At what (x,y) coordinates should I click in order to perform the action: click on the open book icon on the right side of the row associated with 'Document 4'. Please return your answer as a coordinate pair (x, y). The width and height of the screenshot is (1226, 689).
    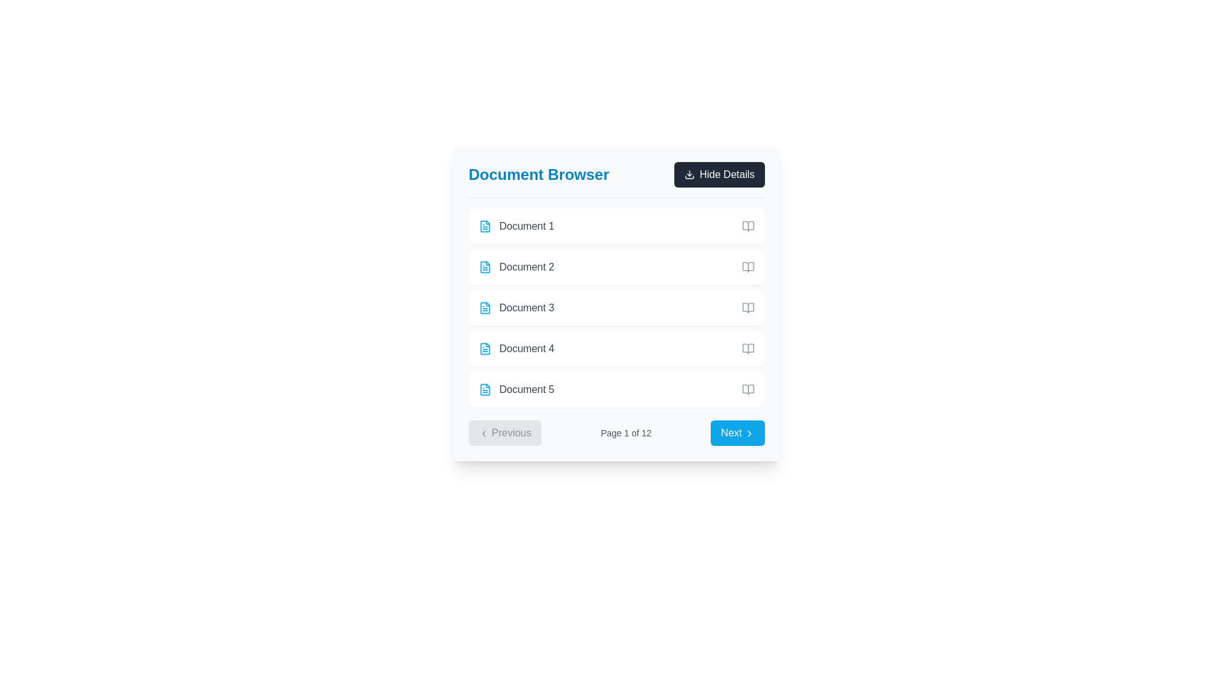
    Looking at the image, I should click on (748, 349).